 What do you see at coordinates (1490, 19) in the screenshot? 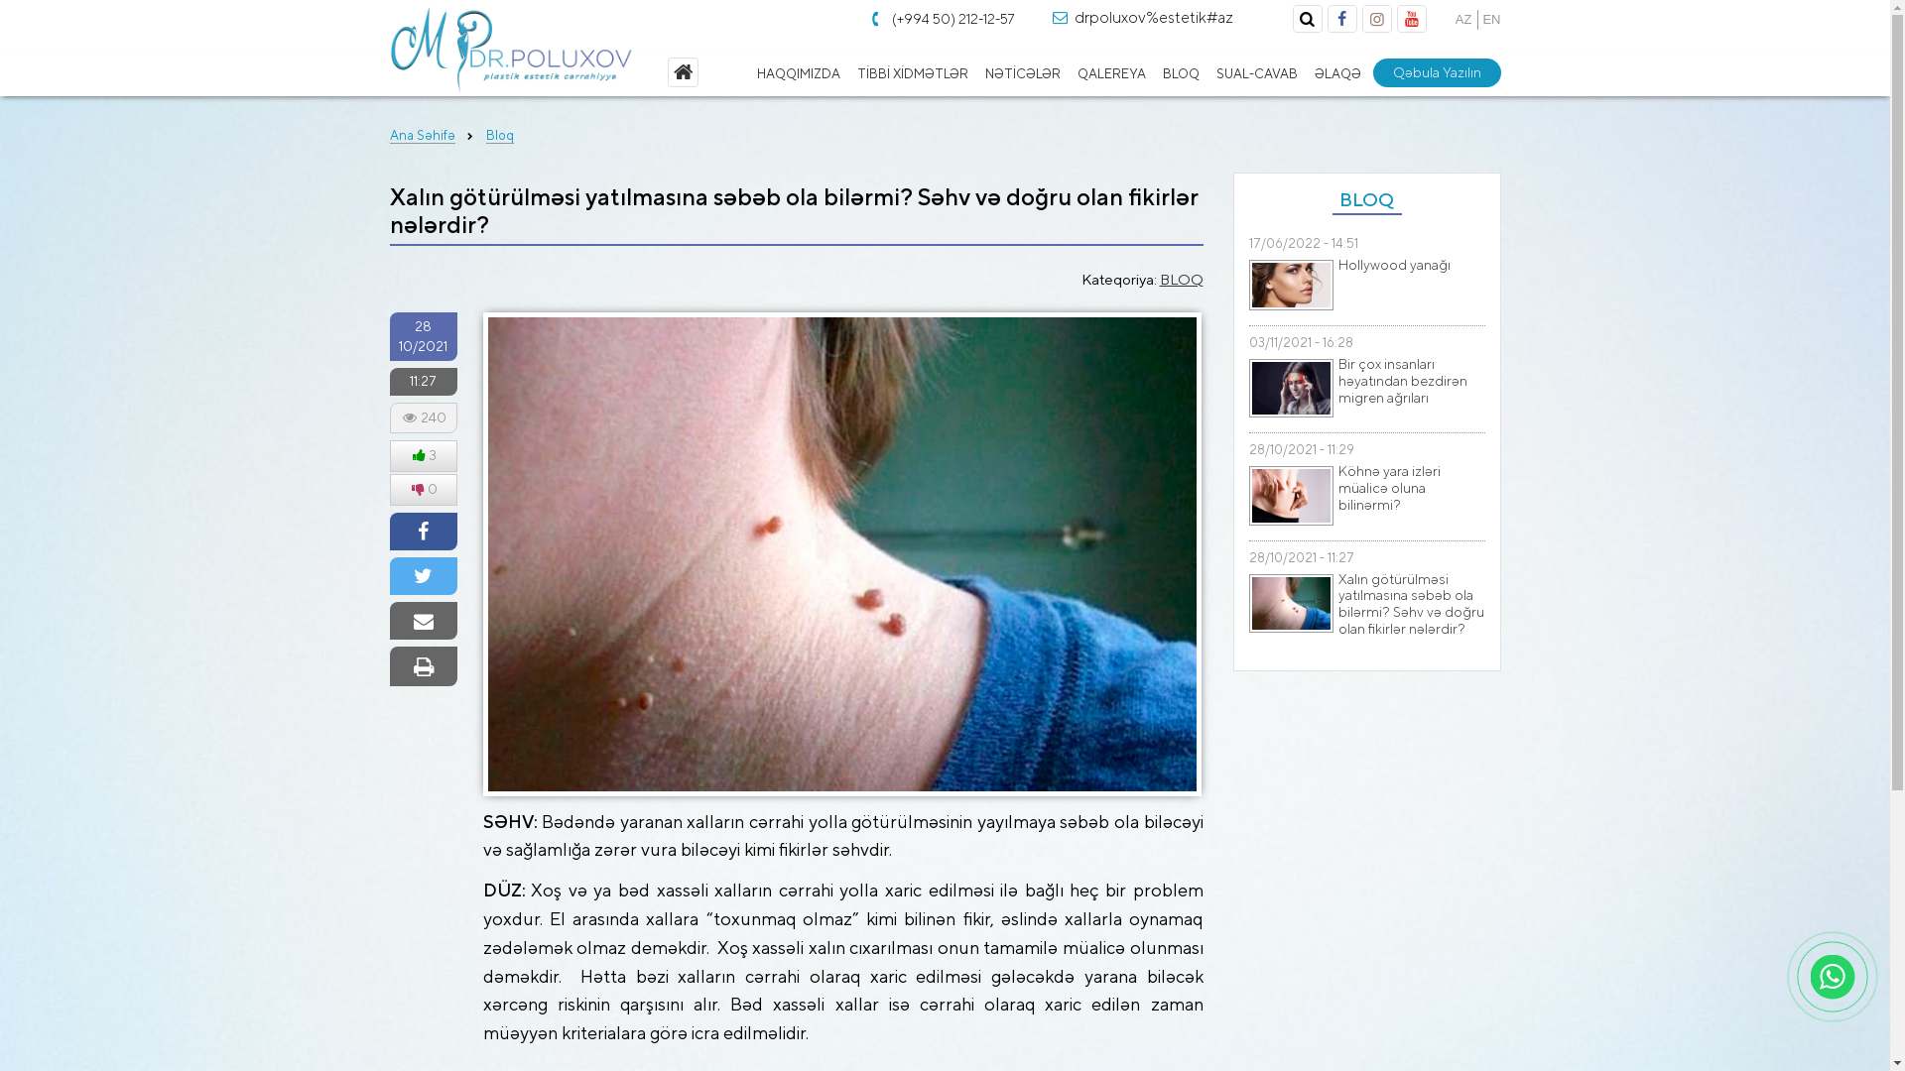
I see `'EN'` at bounding box center [1490, 19].